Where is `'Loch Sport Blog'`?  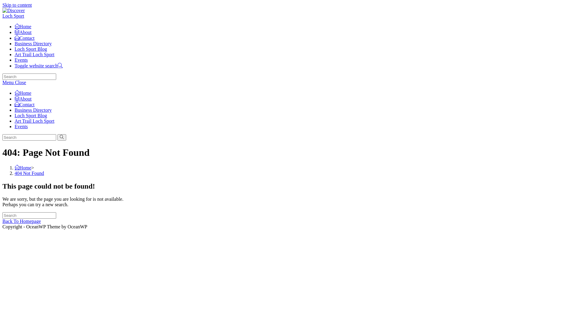 'Loch Sport Blog' is located at coordinates (30, 115).